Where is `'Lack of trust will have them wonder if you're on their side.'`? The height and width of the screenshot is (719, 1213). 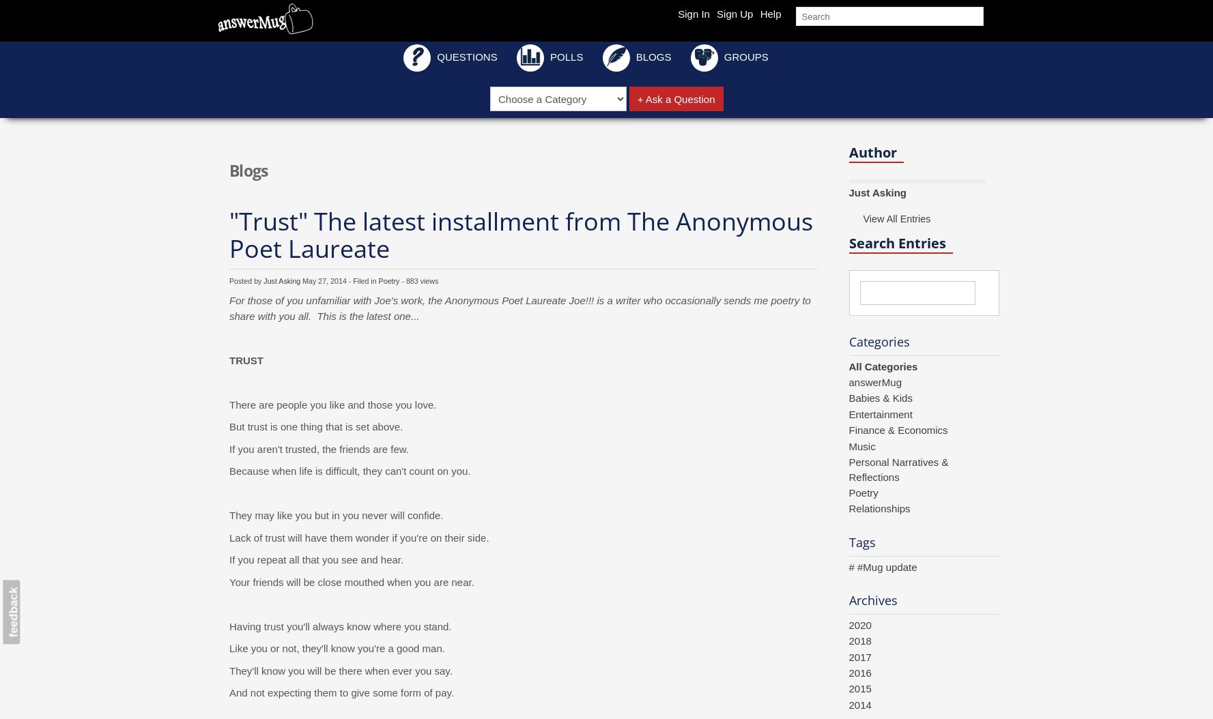 'Lack of trust will have them wonder if you're on their side.' is located at coordinates (358, 537).